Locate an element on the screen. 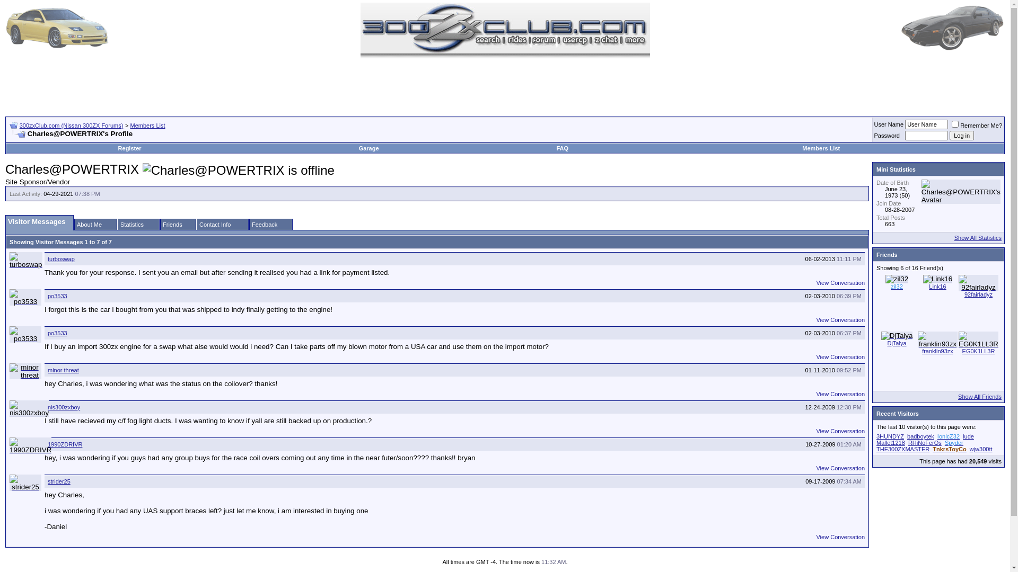 The image size is (1018, 572). 'Go Back' is located at coordinates (13, 124).